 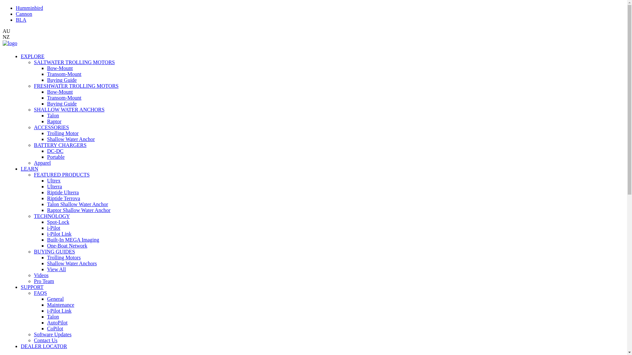 What do you see at coordinates (47, 246) in the screenshot?
I see `'One-Boat Network'` at bounding box center [47, 246].